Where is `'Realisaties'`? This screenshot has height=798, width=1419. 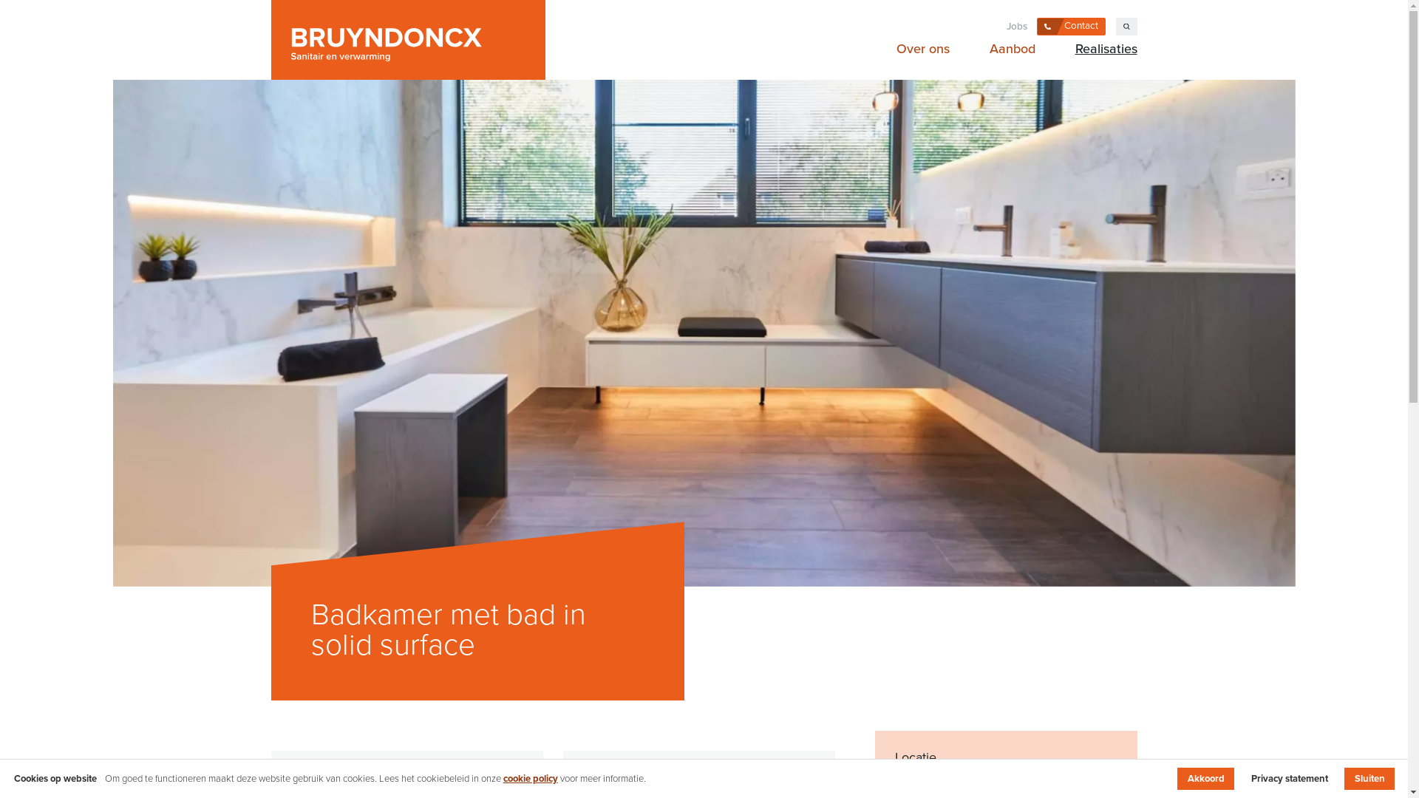 'Realisaties' is located at coordinates (1100, 48).